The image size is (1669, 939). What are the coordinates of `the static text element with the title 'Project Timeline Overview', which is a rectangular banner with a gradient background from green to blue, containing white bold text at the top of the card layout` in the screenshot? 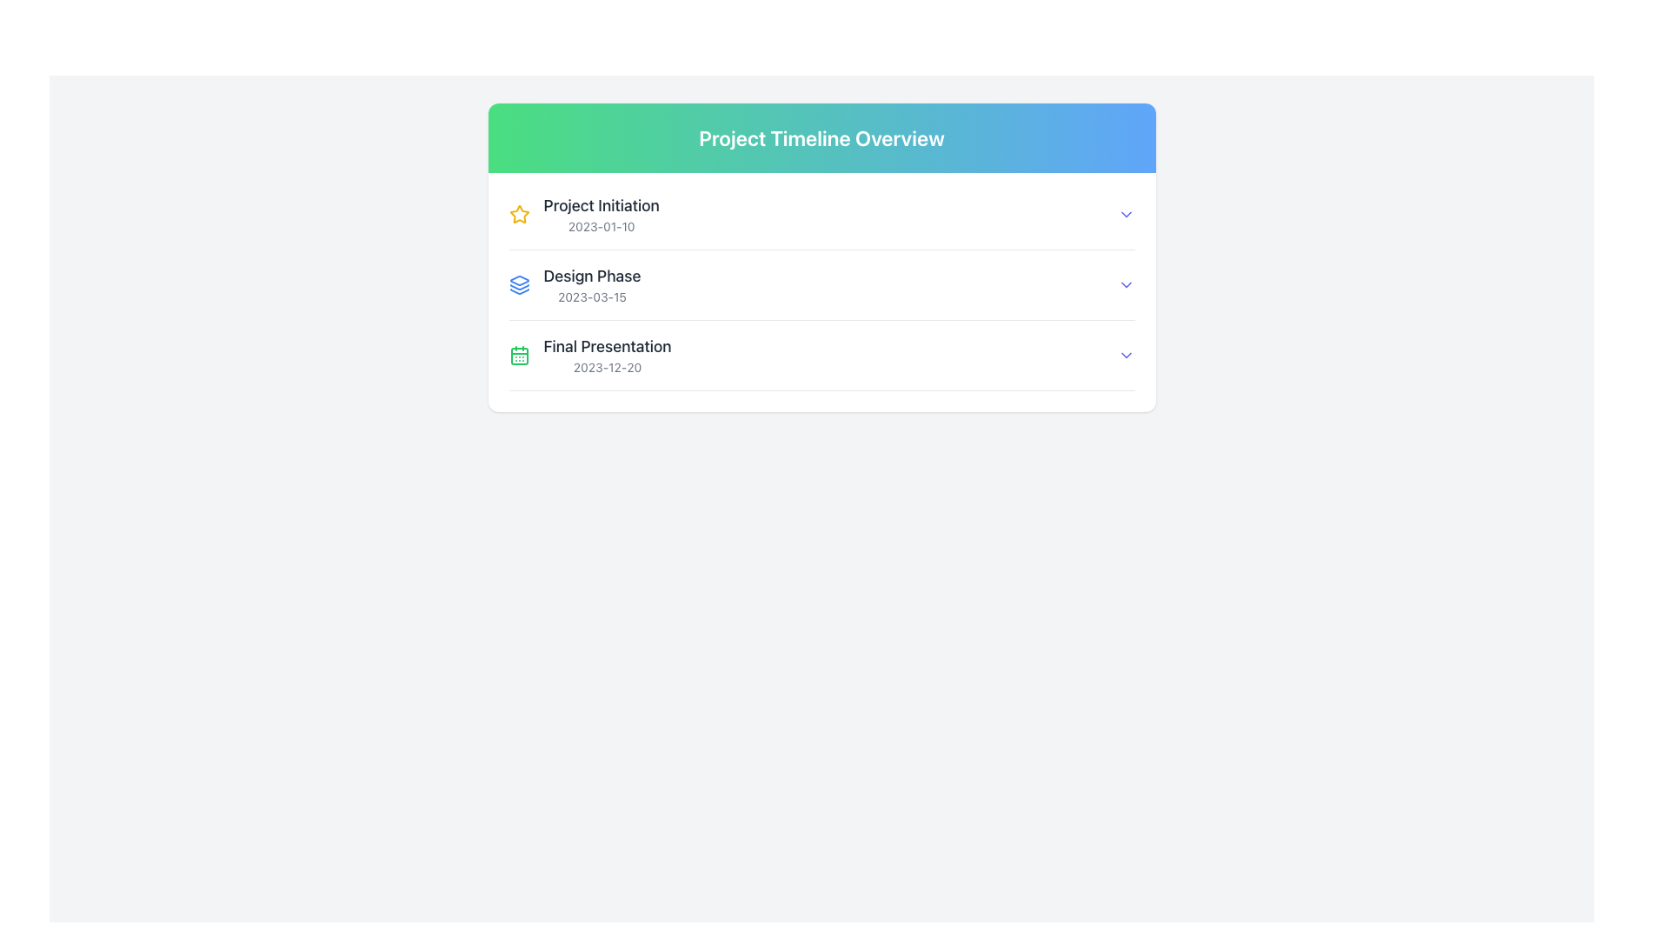 It's located at (821, 137).